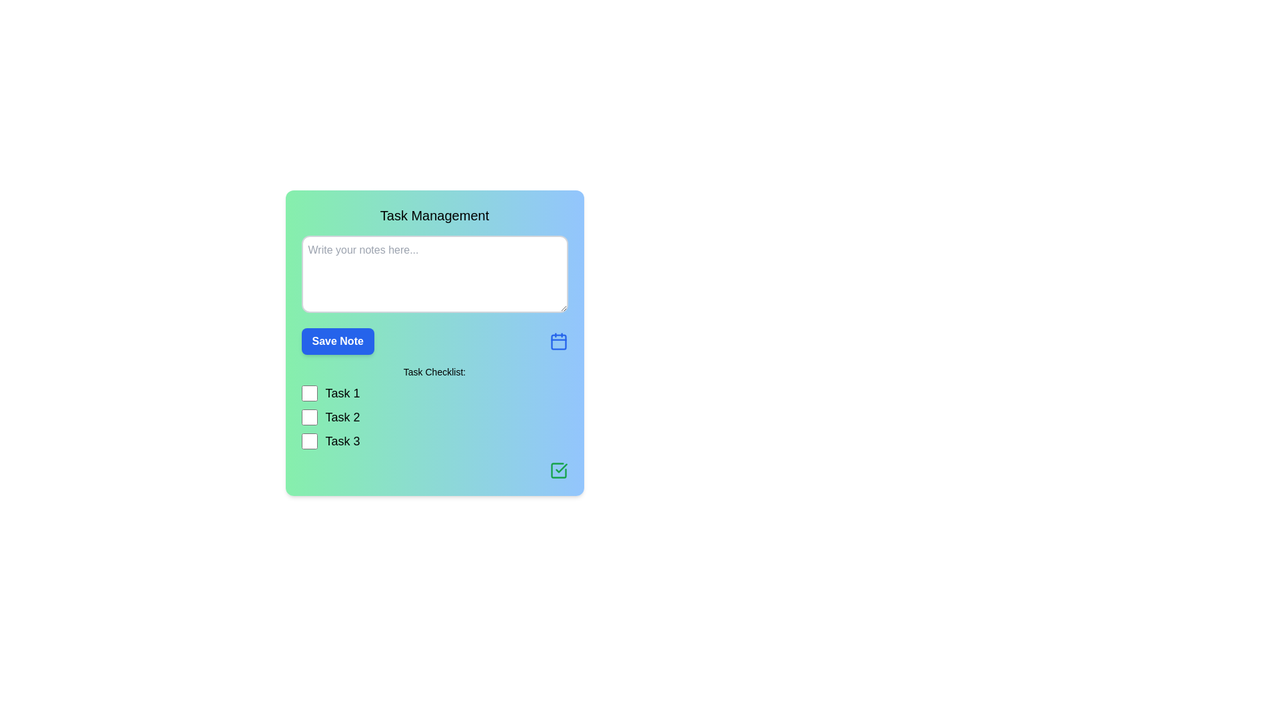  What do you see at coordinates (338, 341) in the screenshot?
I see `the save button located in the middle-left region of the interface to trigger tooltip display or styling changes` at bounding box center [338, 341].